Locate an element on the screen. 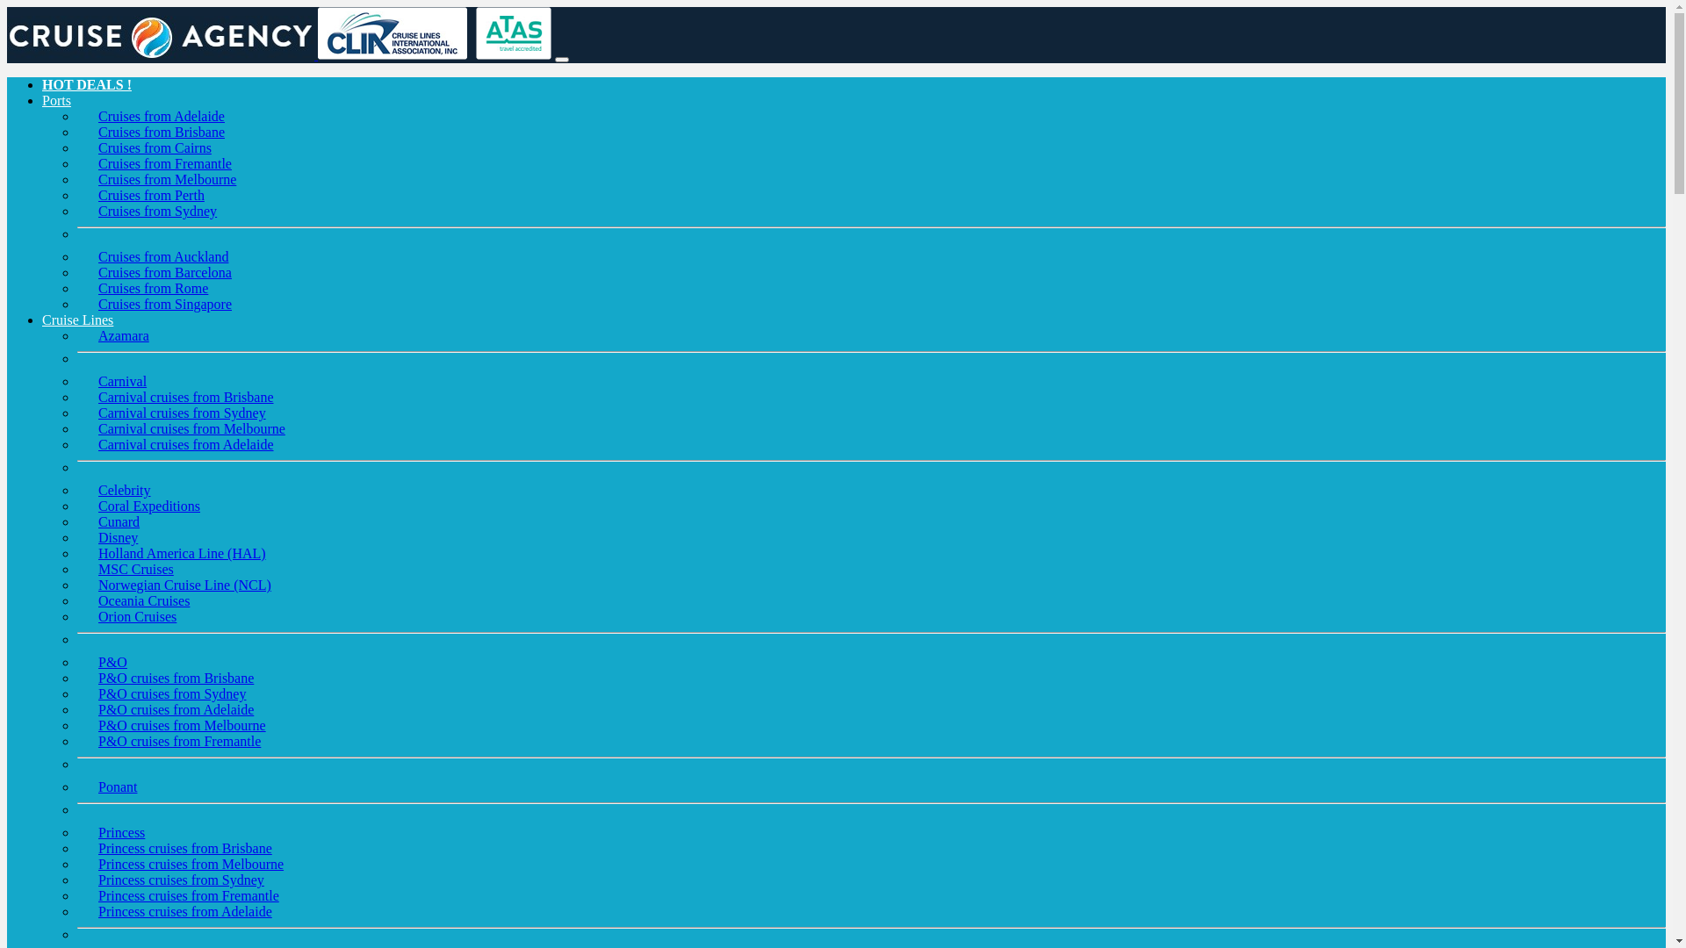  'P&O cruises from Sydney' is located at coordinates (172, 693).